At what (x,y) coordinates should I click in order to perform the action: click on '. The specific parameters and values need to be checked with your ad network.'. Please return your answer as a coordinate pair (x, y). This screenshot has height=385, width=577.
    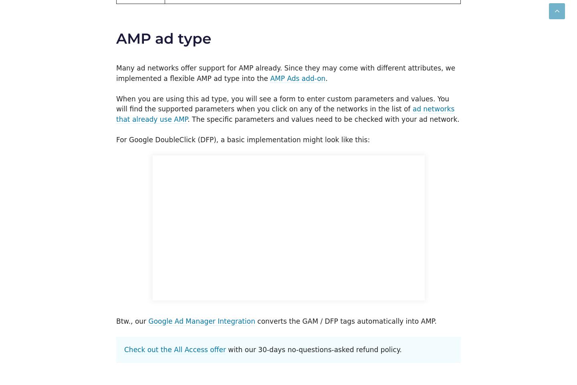
    Looking at the image, I should click on (323, 119).